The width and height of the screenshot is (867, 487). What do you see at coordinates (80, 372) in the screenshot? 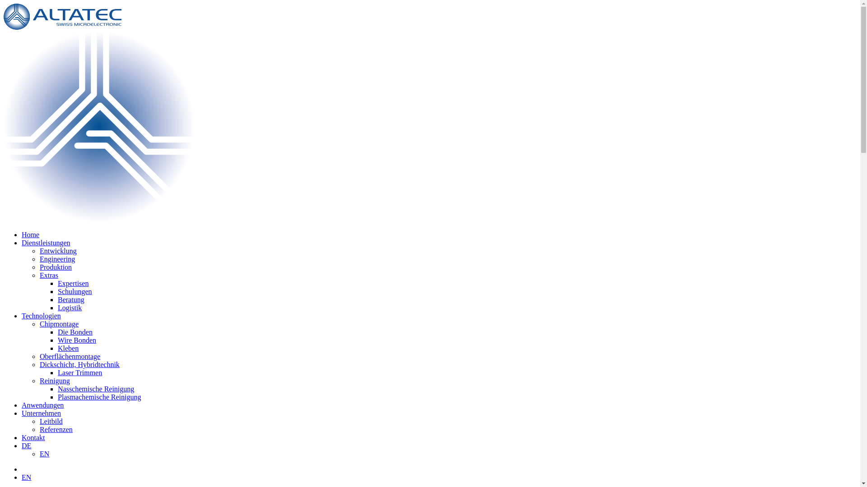
I see `'Laser Trimmen'` at bounding box center [80, 372].